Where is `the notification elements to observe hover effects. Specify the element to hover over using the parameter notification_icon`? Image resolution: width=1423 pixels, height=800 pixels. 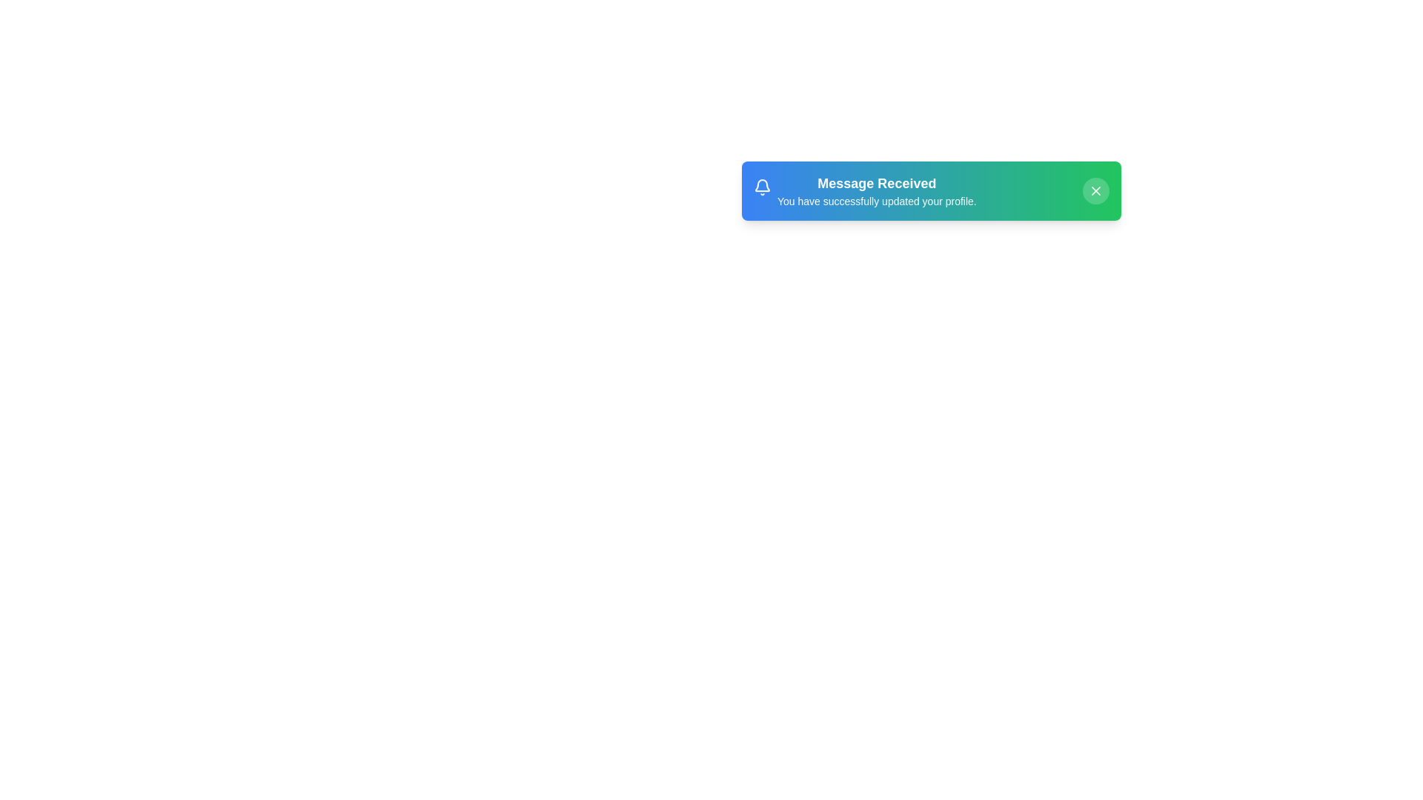
the notification elements to observe hover effects. Specify the element to hover over using the parameter notification_icon is located at coordinates (762, 188).